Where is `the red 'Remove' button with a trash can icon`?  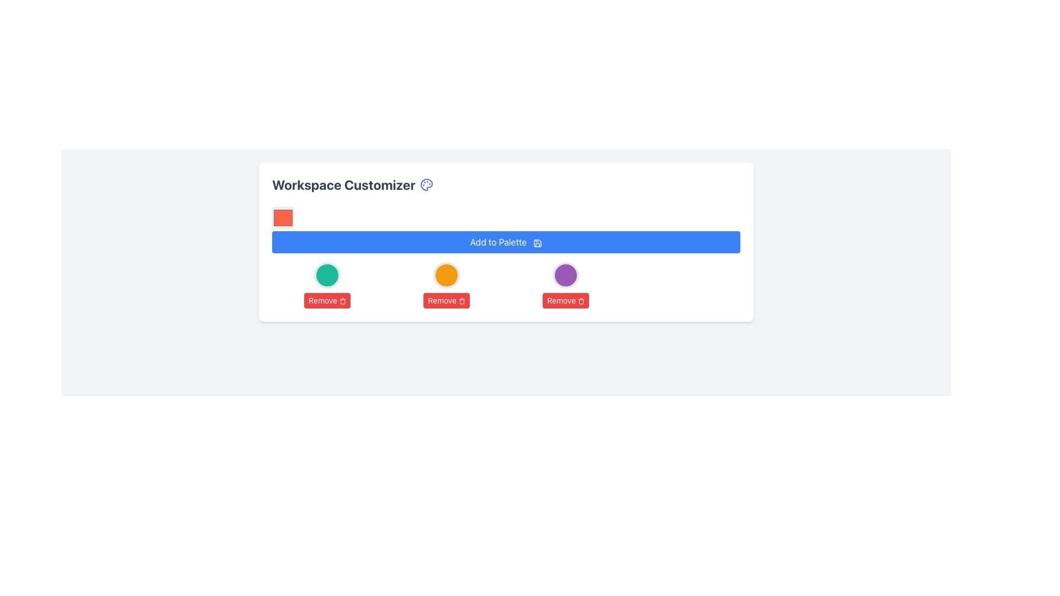
the red 'Remove' button with a trash can icon is located at coordinates (566, 284).